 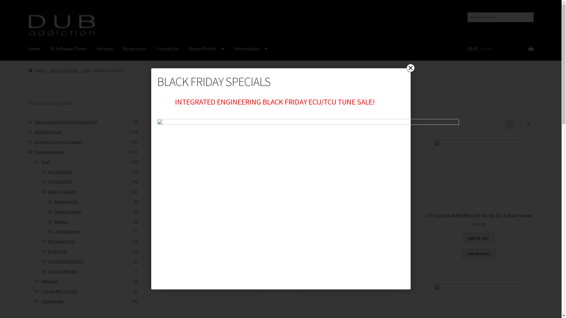 I want to click on 'Shop by Product Category', so click(x=59, y=142).